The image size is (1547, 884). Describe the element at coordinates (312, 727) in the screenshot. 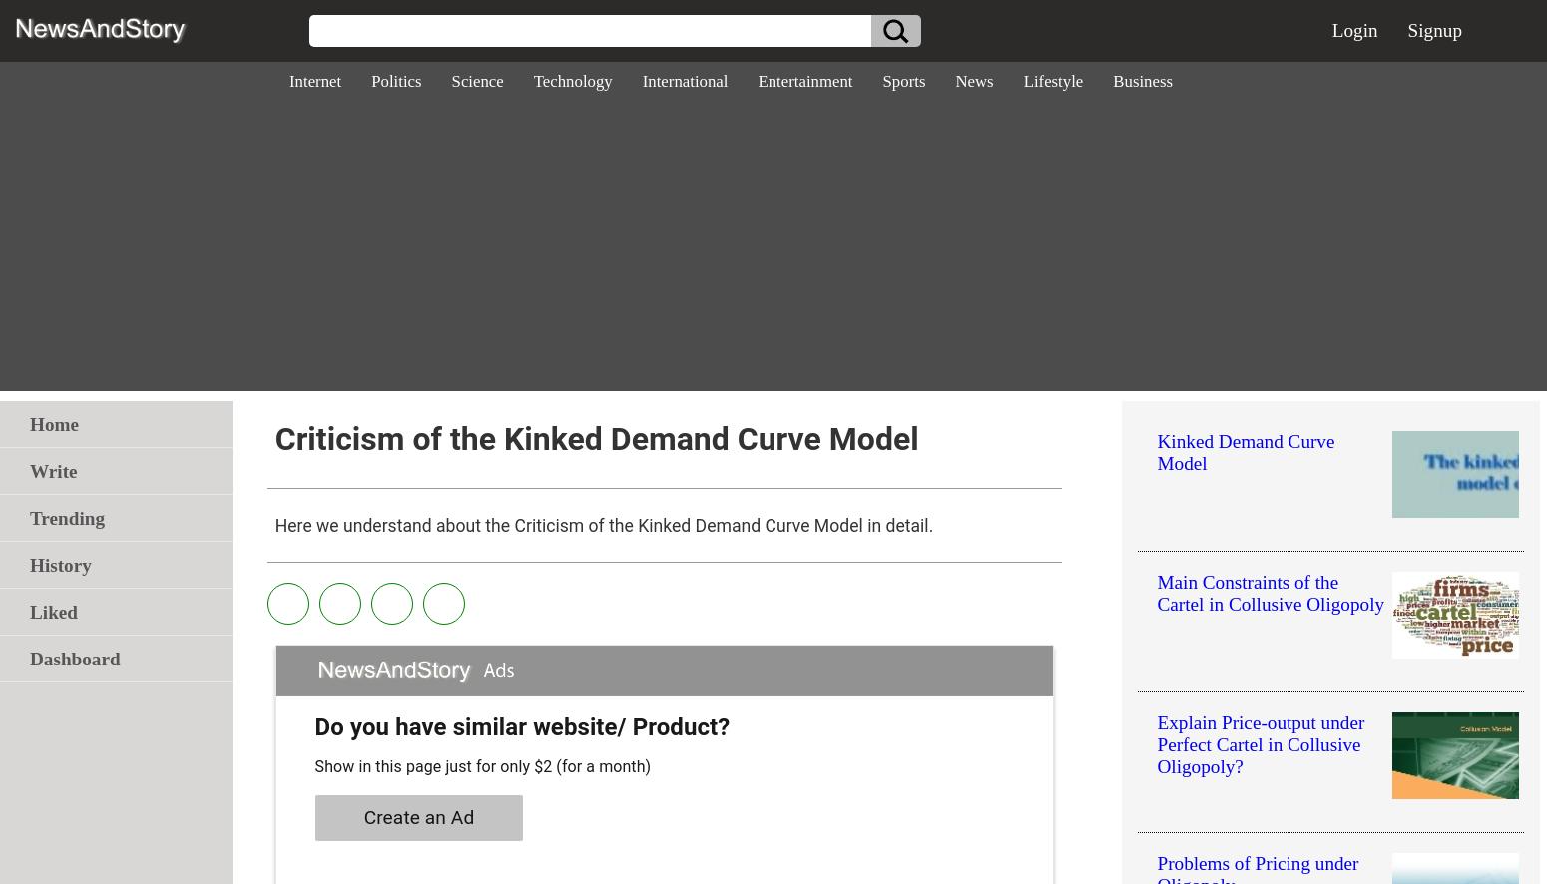

I see `'Do you have similar website/ Product?'` at that location.